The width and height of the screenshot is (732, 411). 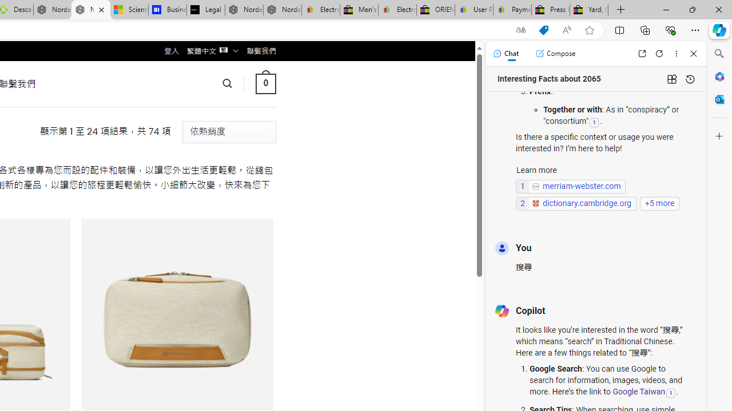 What do you see at coordinates (397, 10) in the screenshot?
I see `'Electronics, Cars, Fashion, Collectibles & More | eBay'` at bounding box center [397, 10].